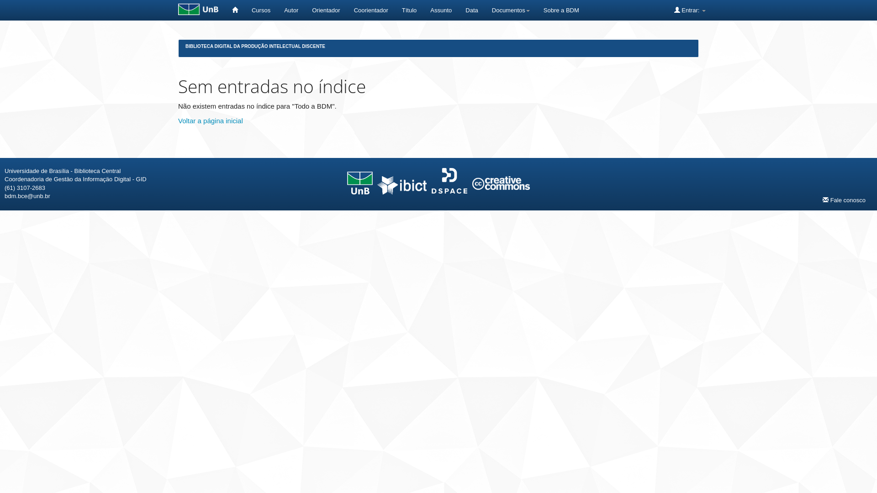 This screenshot has height=493, width=877. I want to click on 'Documentos', so click(484, 10).